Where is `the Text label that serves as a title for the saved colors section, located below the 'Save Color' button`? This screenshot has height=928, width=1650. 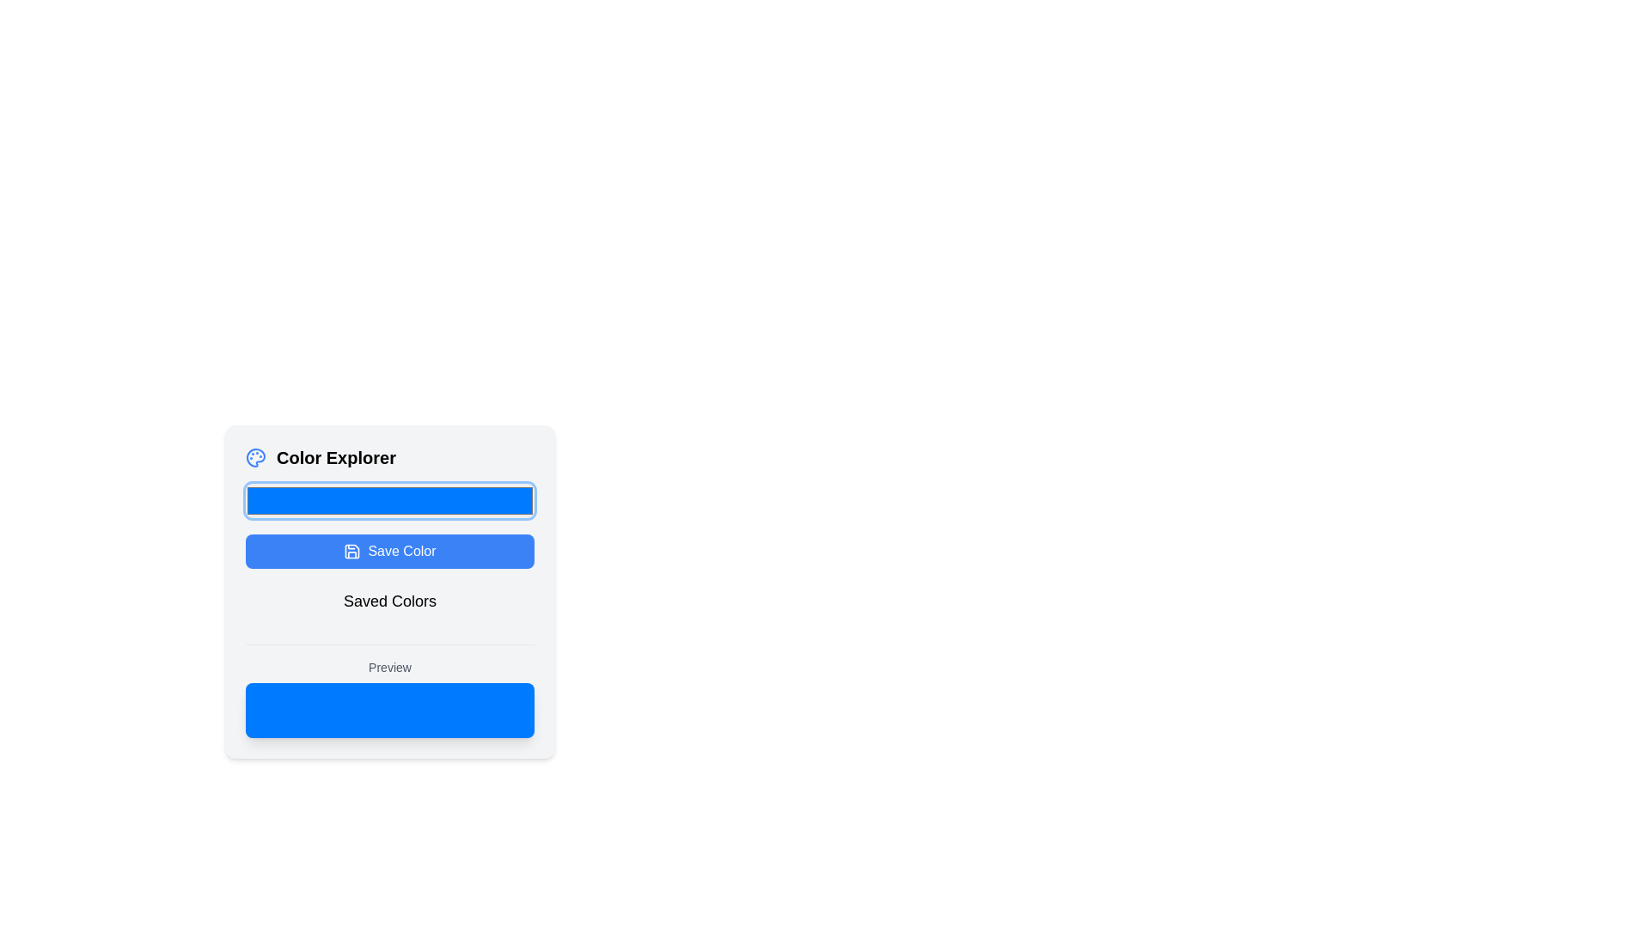 the Text label that serves as a title for the saved colors section, located below the 'Save Color' button is located at coordinates (389, 600).